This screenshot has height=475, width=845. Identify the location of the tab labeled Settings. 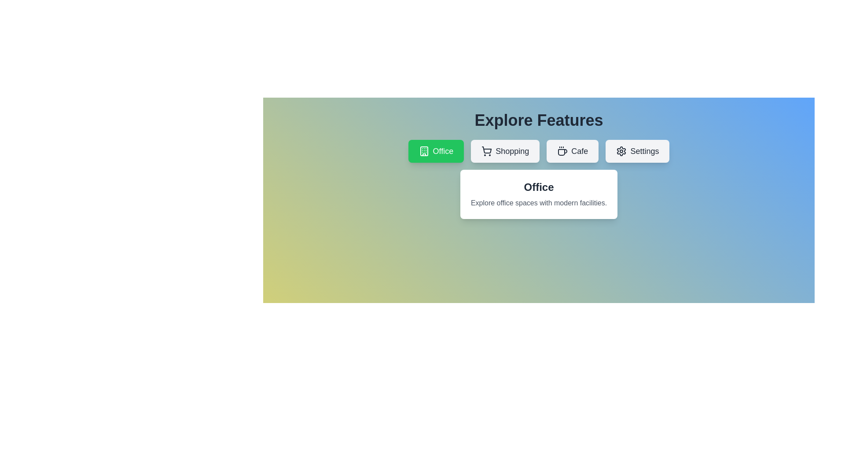
(637, 150).